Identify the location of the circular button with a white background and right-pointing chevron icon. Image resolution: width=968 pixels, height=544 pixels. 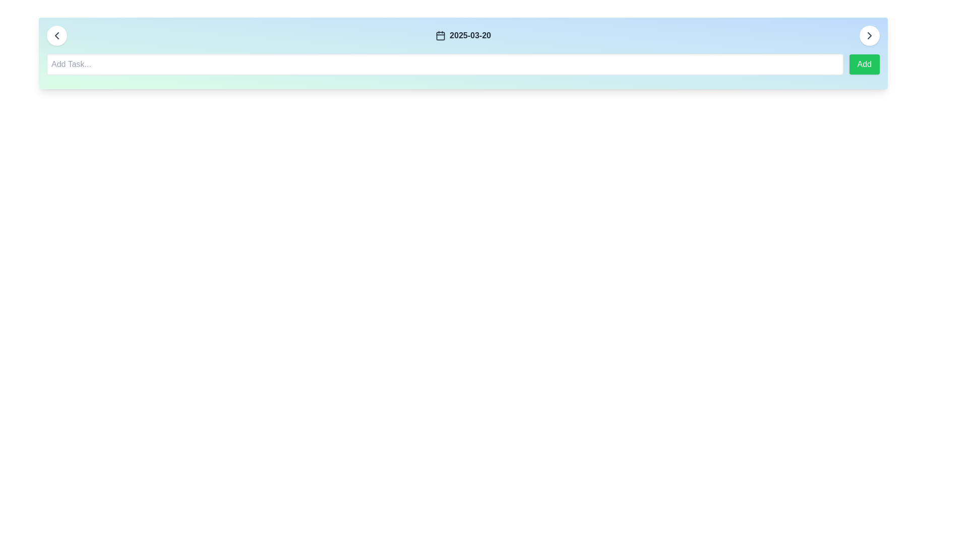
(869, 35).